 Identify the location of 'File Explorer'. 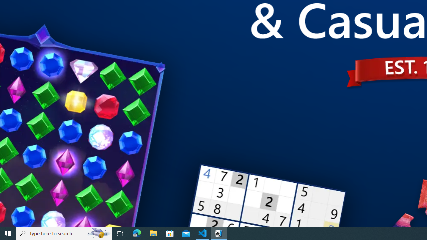
(153, 233).